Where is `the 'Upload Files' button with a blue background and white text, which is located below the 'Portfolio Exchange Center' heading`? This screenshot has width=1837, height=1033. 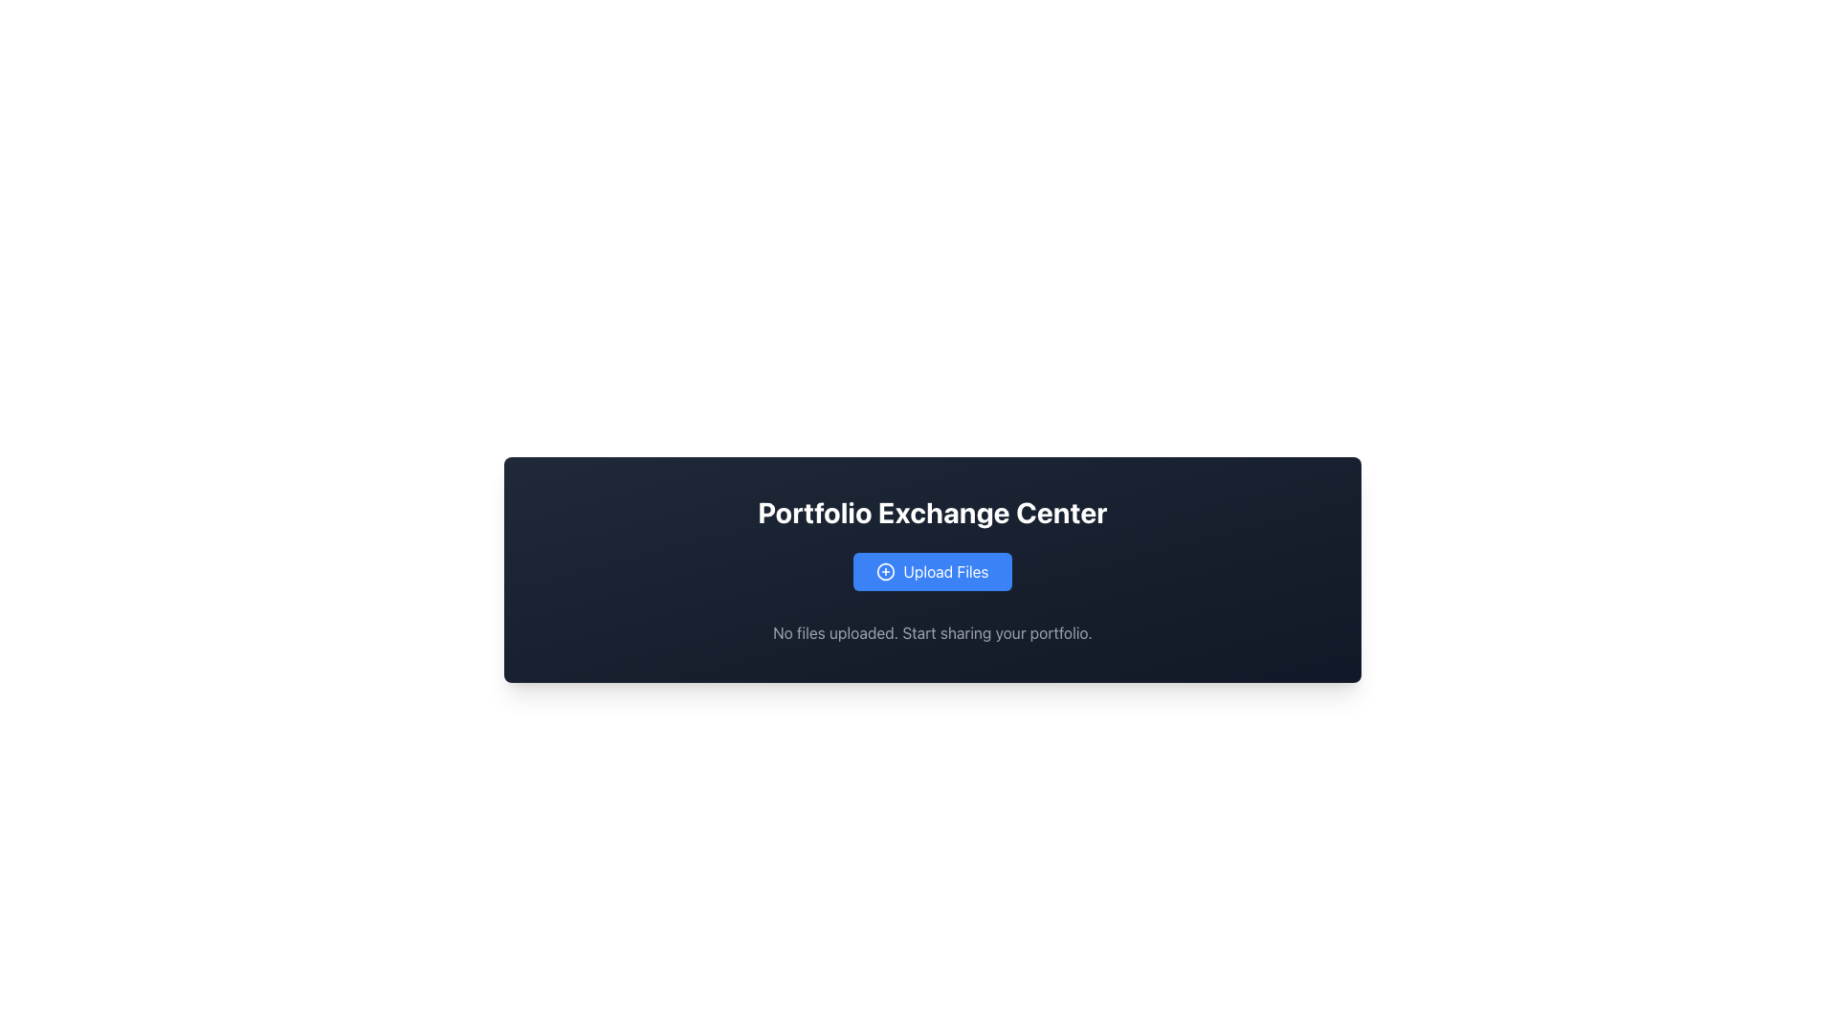
the 'Upload Files' button with a blue background and white text, which is located below the 'Portfolio Exchange Center' heading is located at coordinates (932, 570).